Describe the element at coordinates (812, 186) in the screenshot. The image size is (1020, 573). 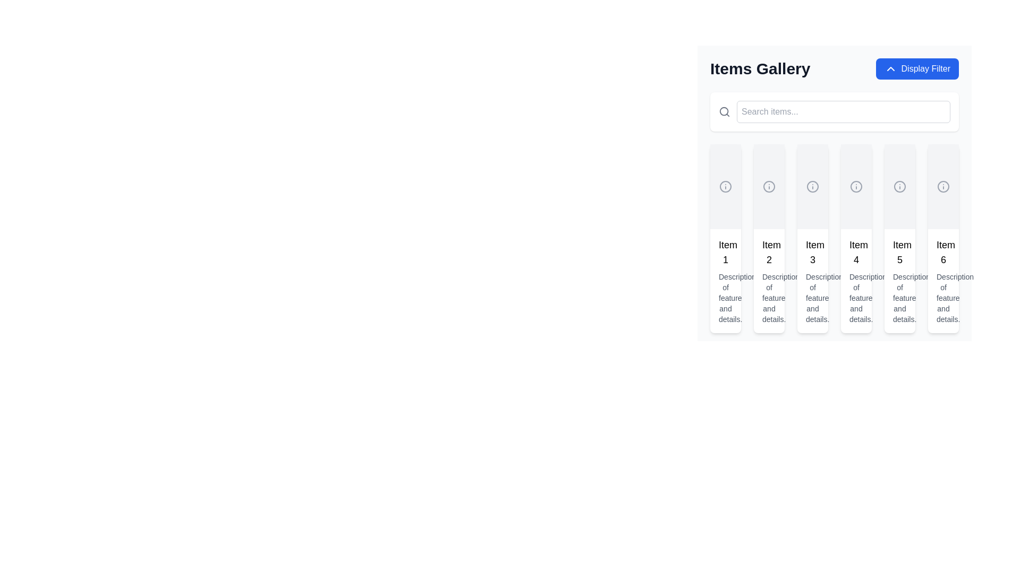
I see `information icon located in the upper section of the card labeled 'Item 3', which features a circular icon with a thin gray outline and an 'i' shape in the center` at that location.